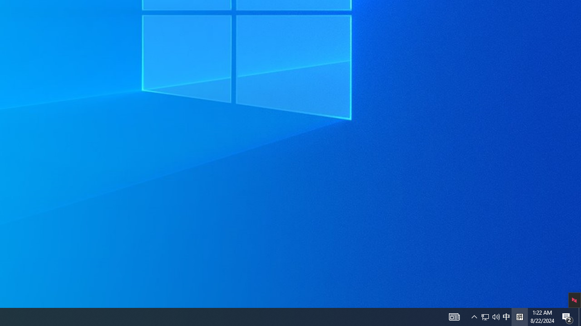  Describe the element at coordinates (496, 316) in the screenshot. I see `'User Promoted Notification Area'` at that location.